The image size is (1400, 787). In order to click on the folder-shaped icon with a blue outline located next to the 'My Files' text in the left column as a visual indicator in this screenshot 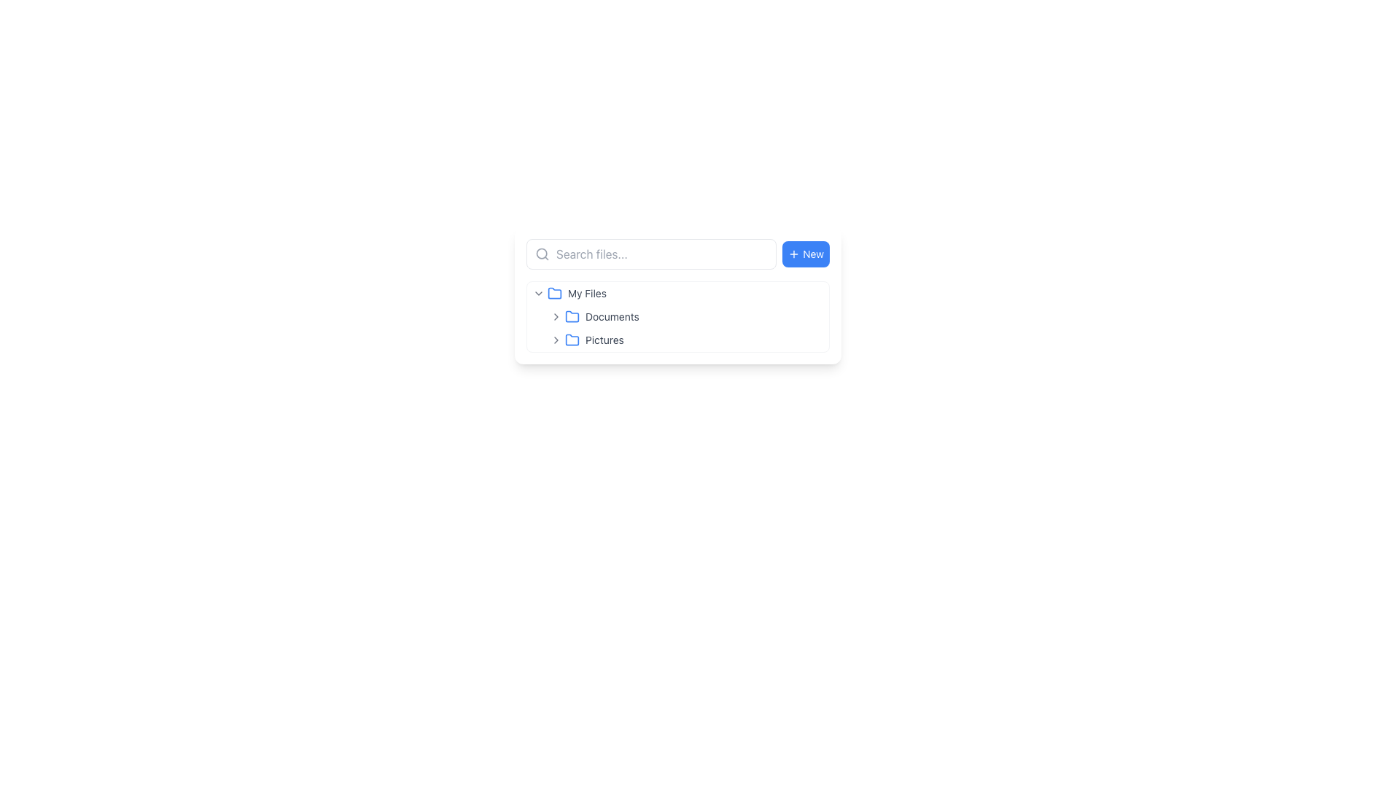, I will do `click(554, 293)`.